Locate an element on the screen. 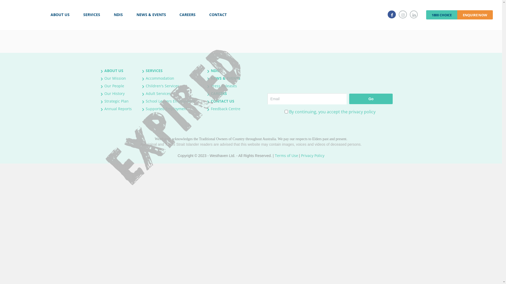 The height and width of the screenshot is (284, 506). 'Our People' is located at coordinates (114, 85).